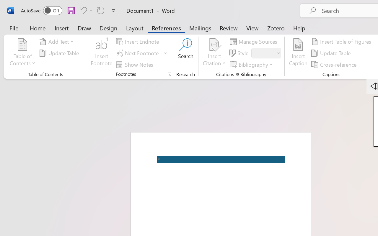 This screenshot has height=236, width=378. Describe the element at coordinates (252, 64) in the screenshot. I see `'Bibliography'` at that location.